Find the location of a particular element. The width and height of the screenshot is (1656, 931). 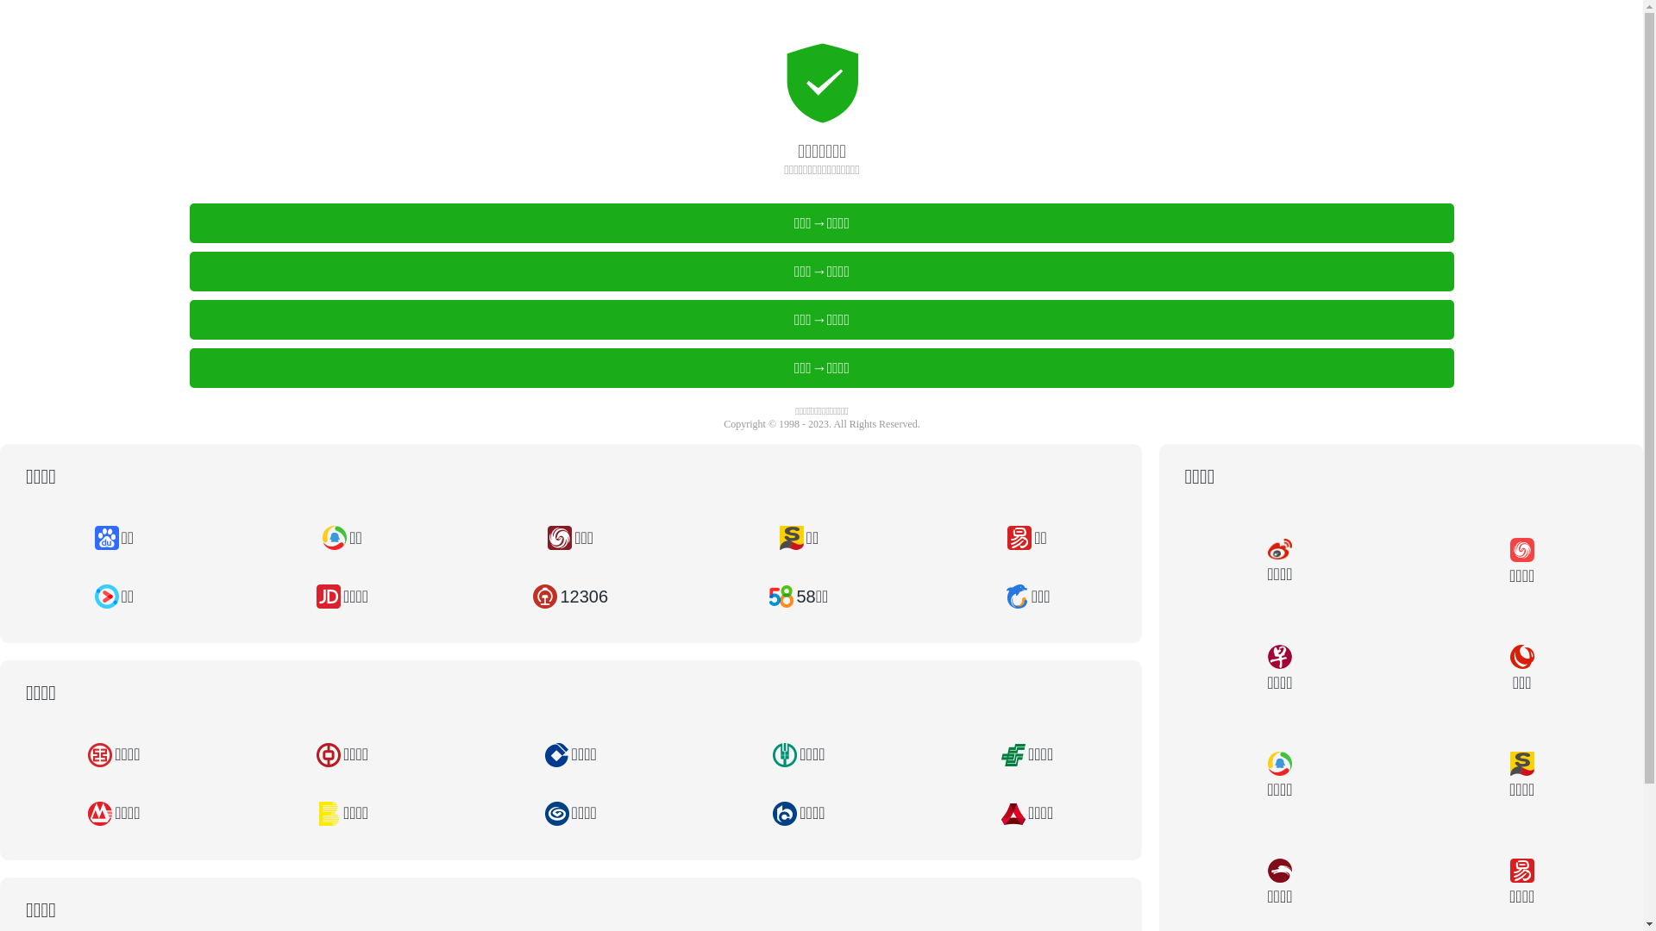

'12306' is located at coordinates (570, 595).